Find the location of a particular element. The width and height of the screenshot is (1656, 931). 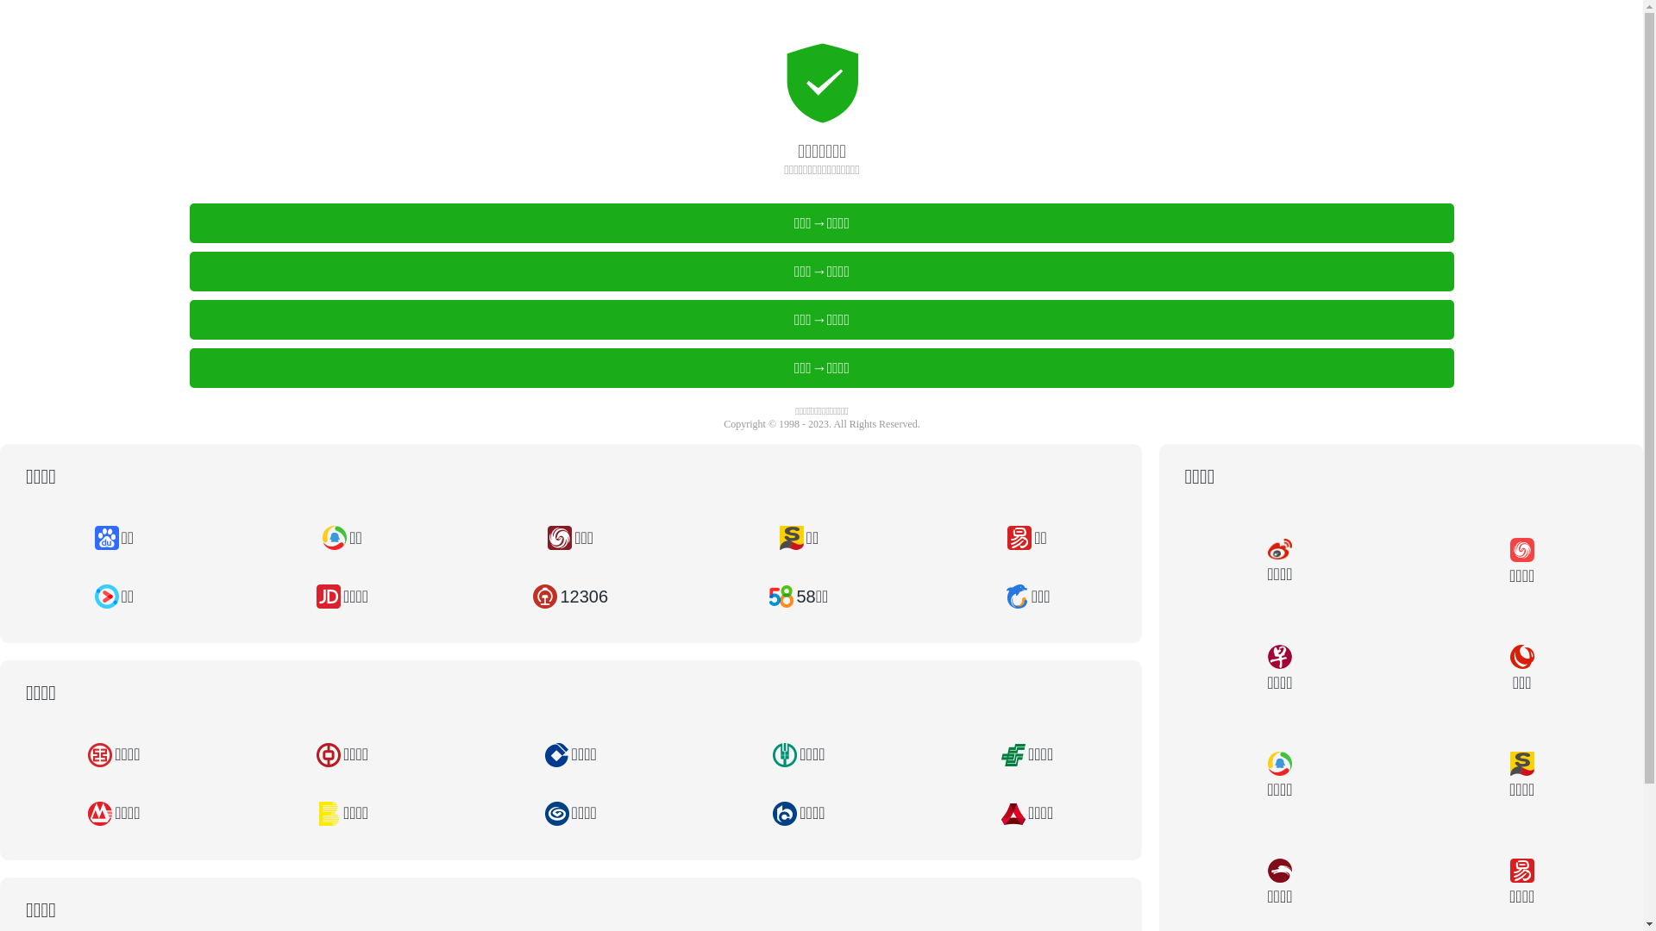

'12306' is located at coordinates (570, 595).